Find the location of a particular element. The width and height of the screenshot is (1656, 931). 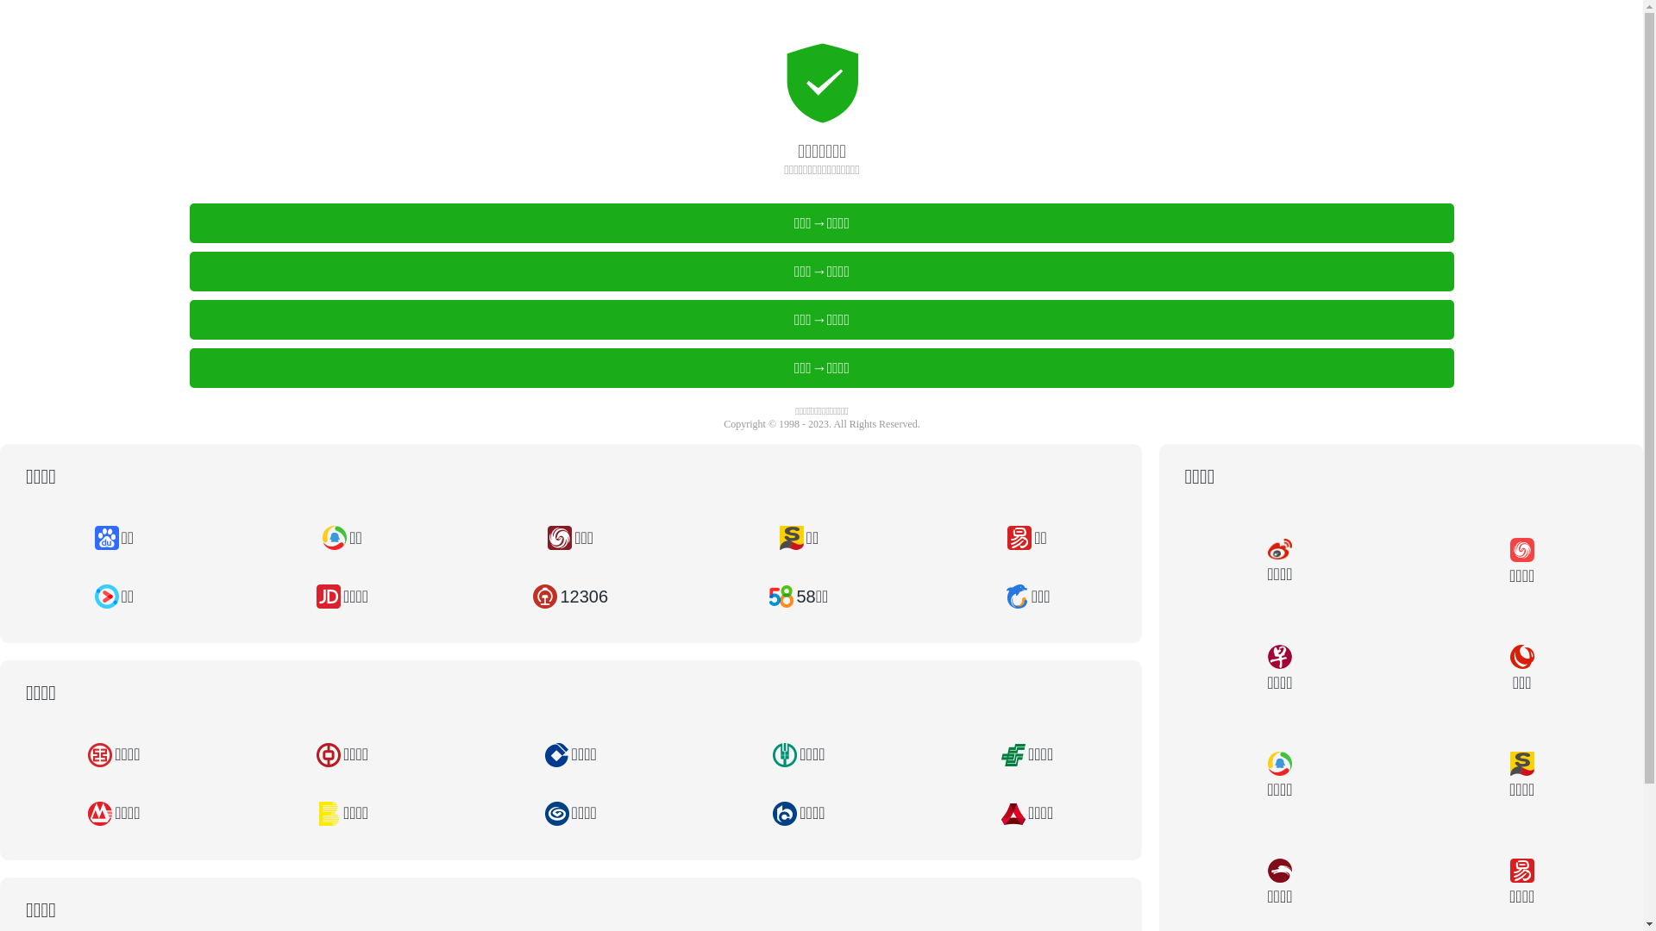

'12306' is located at coordinates (570, 595).